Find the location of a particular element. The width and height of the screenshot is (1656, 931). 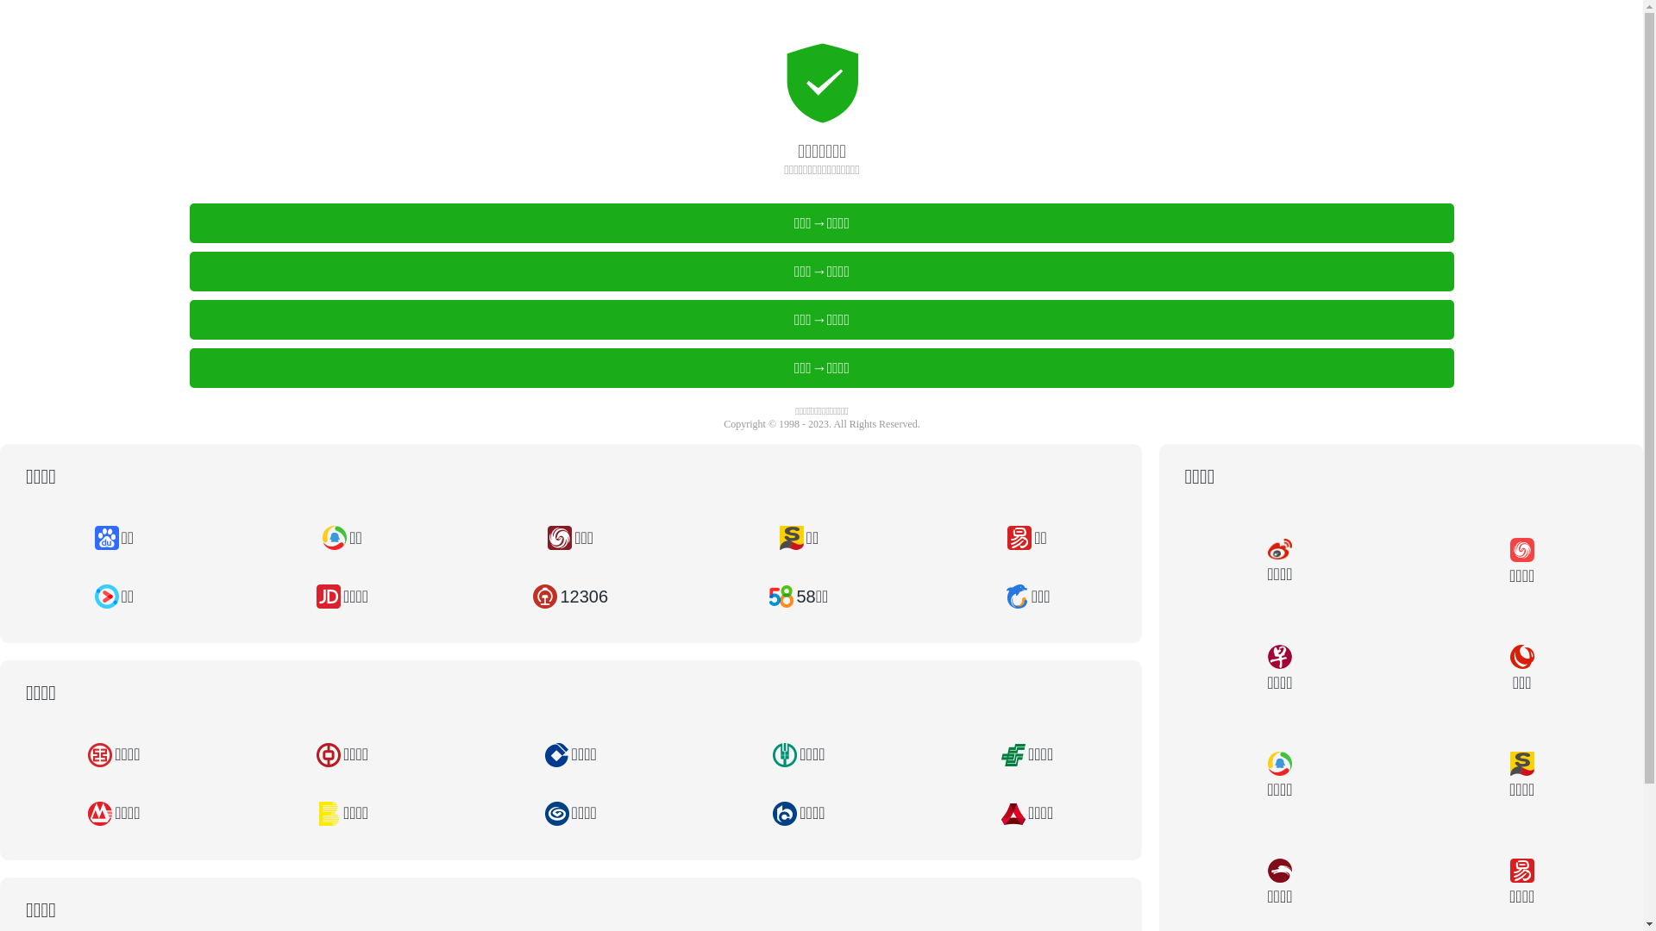

'12306' is located at coordinates (570, 595).